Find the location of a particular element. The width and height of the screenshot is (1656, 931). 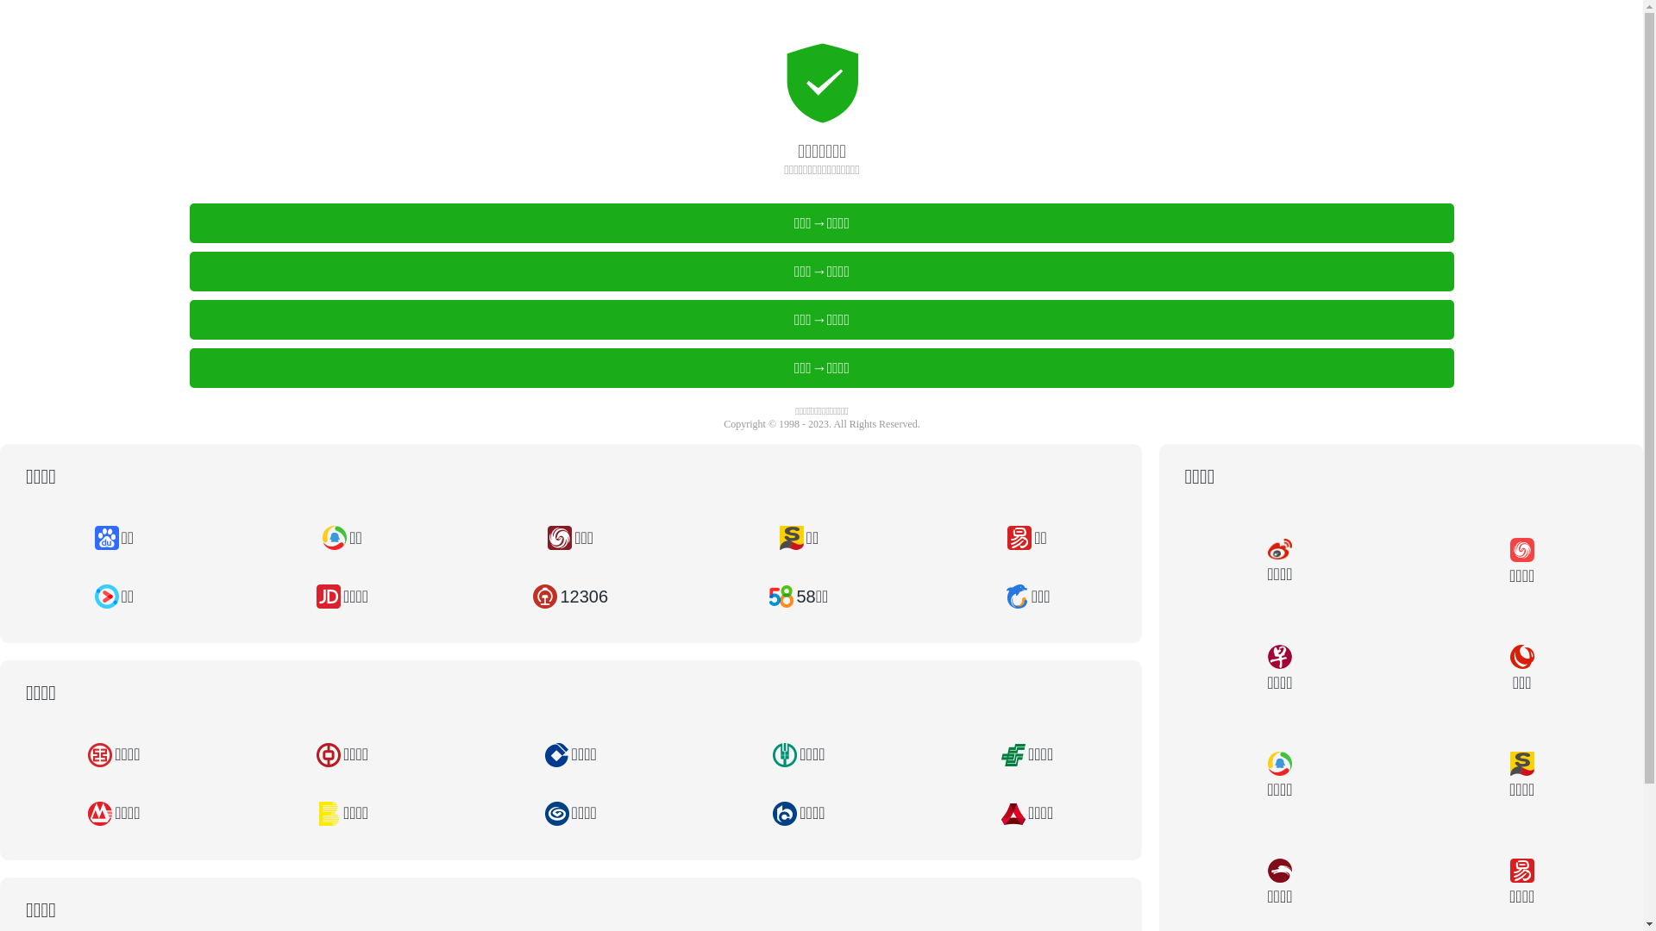

'12306' is located at coordinates (570, 595).